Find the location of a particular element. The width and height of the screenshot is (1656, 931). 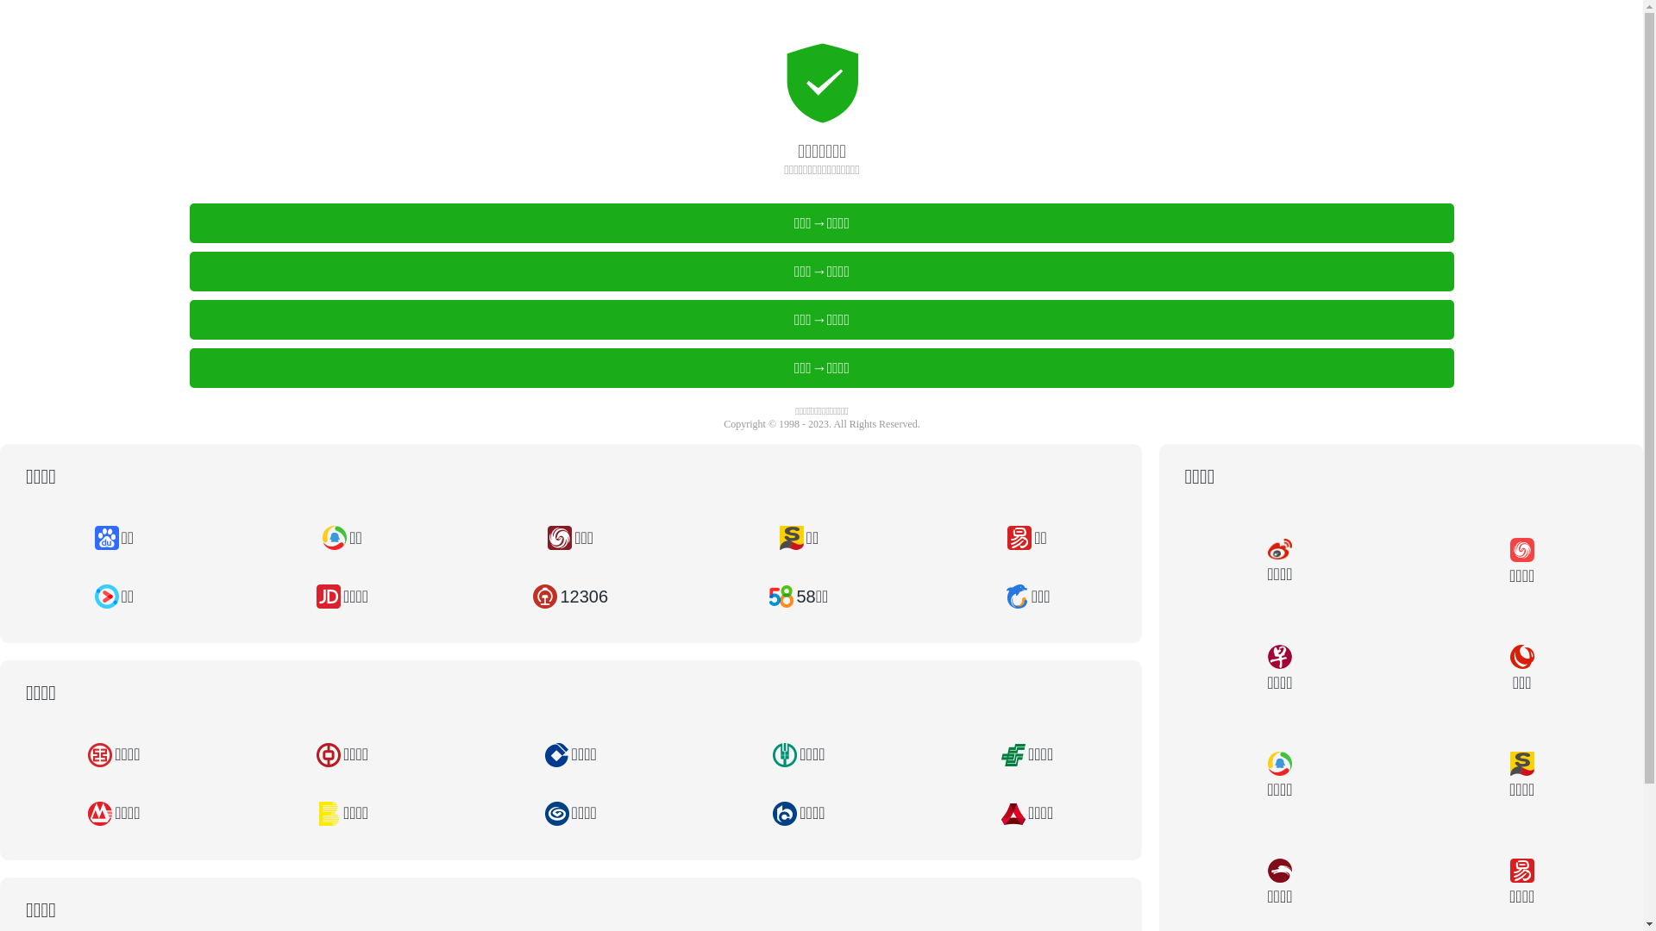

'12306' is located at coordinates (570, 595).